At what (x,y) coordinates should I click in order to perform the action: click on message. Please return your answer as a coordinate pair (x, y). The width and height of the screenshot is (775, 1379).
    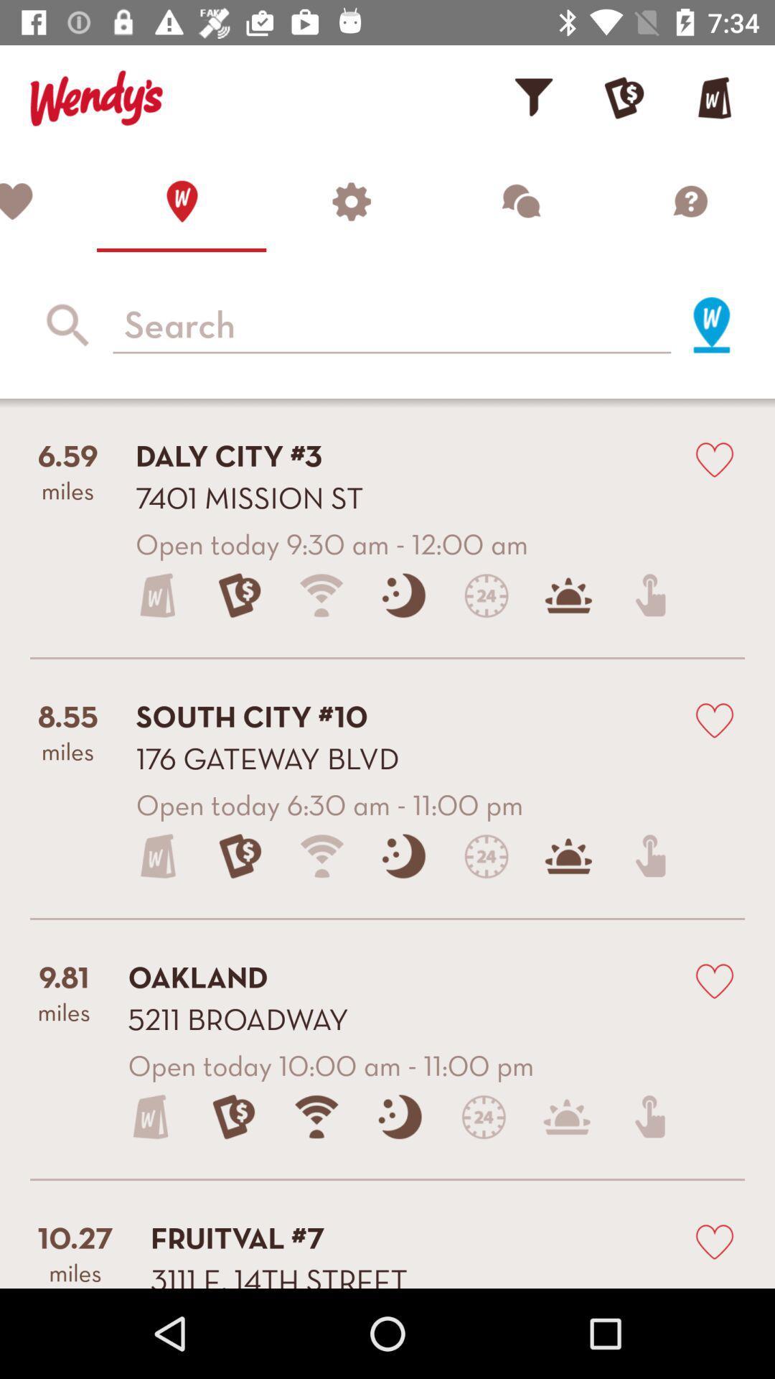
    Looking at the image, I should click on (520, 200).